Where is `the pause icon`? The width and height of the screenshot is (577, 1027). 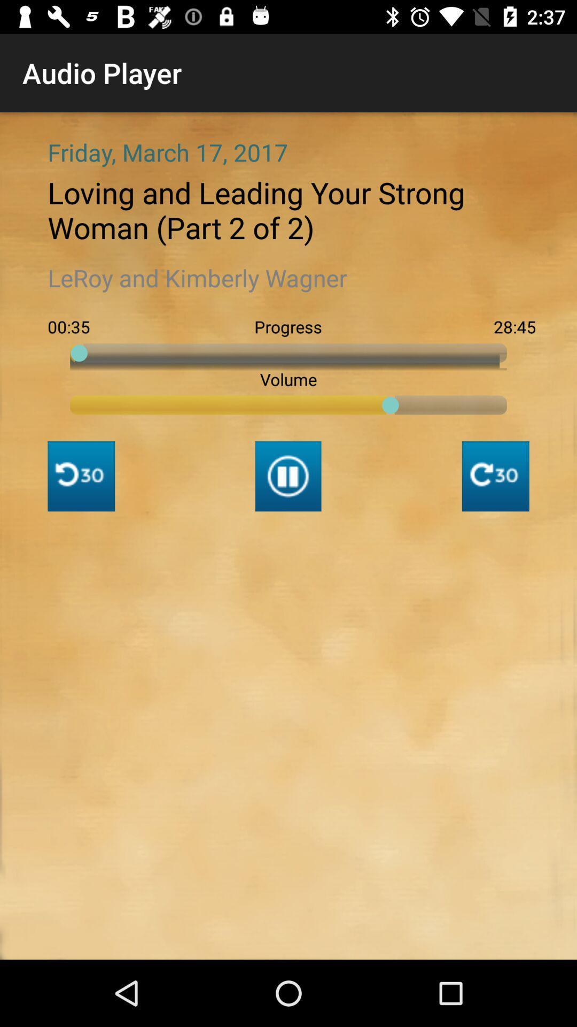
the pause icon is located at coordinates (287, 476).